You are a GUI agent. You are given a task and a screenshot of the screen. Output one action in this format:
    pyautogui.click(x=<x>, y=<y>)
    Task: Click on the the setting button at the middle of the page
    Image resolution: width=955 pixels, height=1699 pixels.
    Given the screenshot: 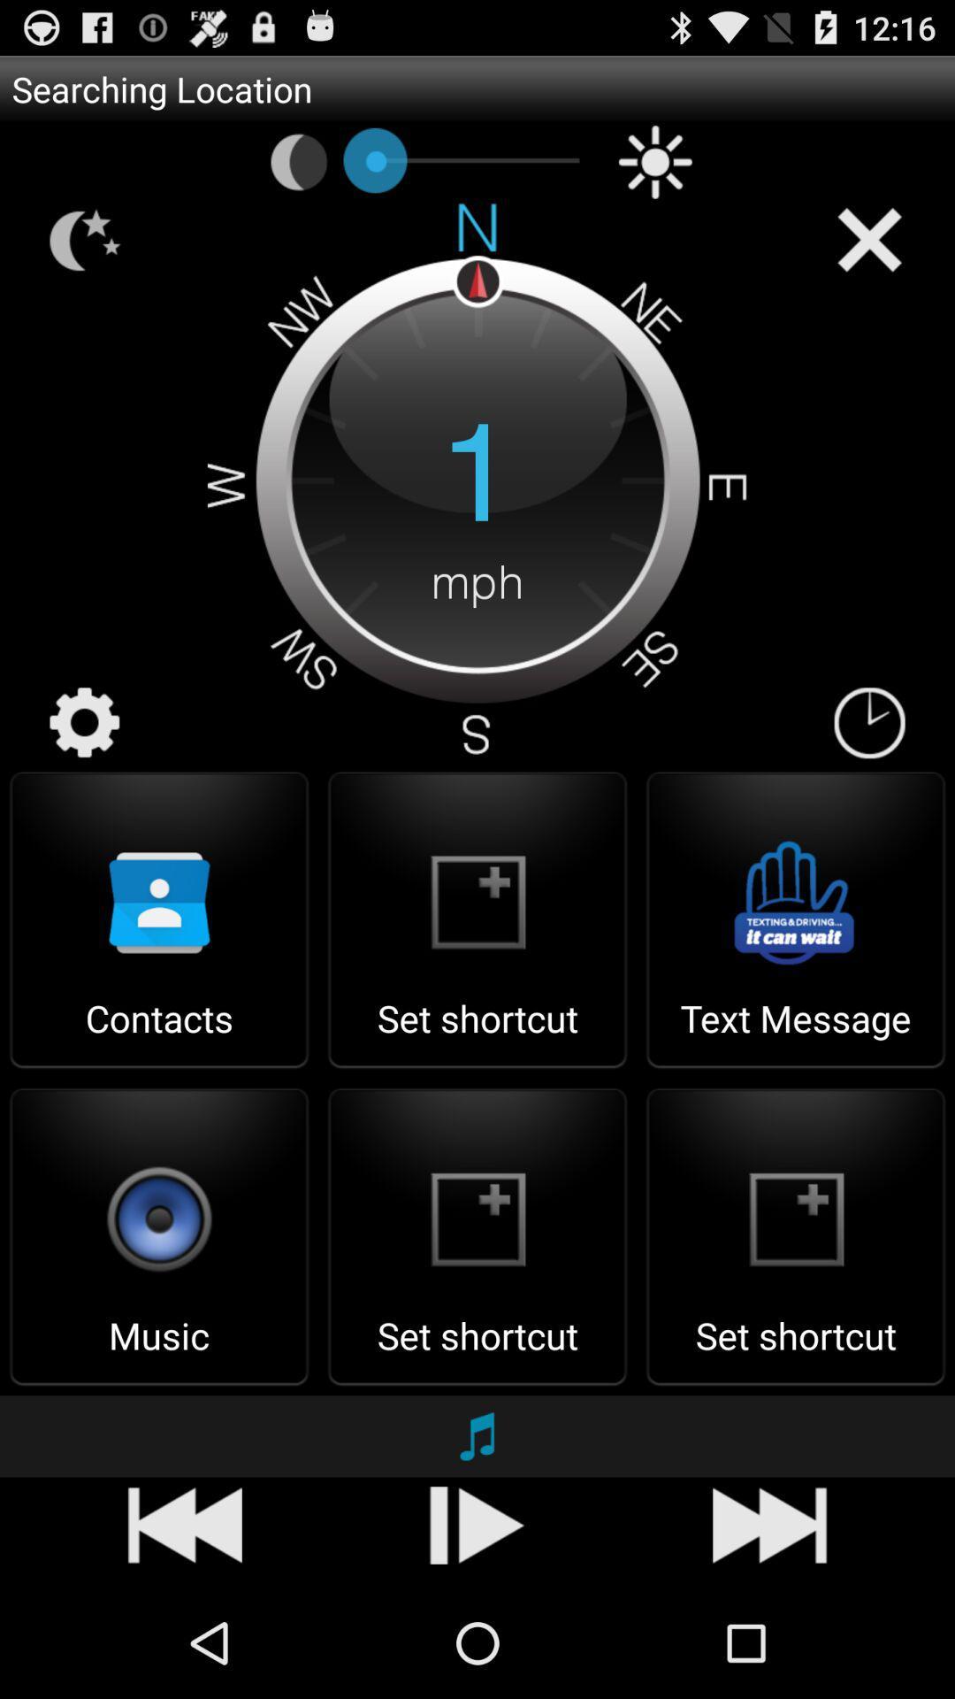 What is the action you would take?
    pyautogui.click(x=85, y=722)
    